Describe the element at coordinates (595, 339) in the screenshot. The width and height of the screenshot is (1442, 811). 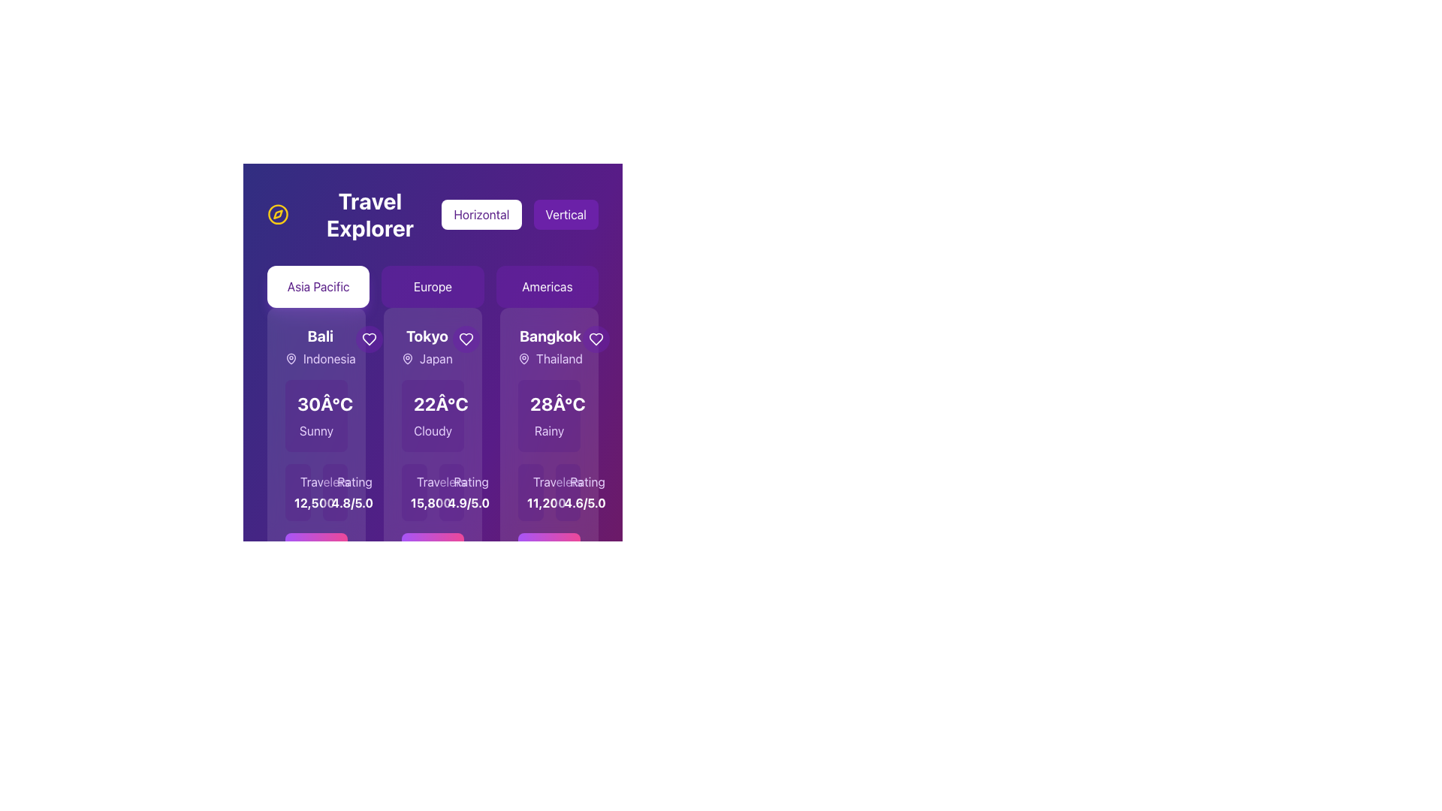
I see `the heart-shaped icon button representing a favorite action, located in the 'Bangkok, Thailand' card in the 'Asia Pacific' section of the Travel Explorer interface` at that location.